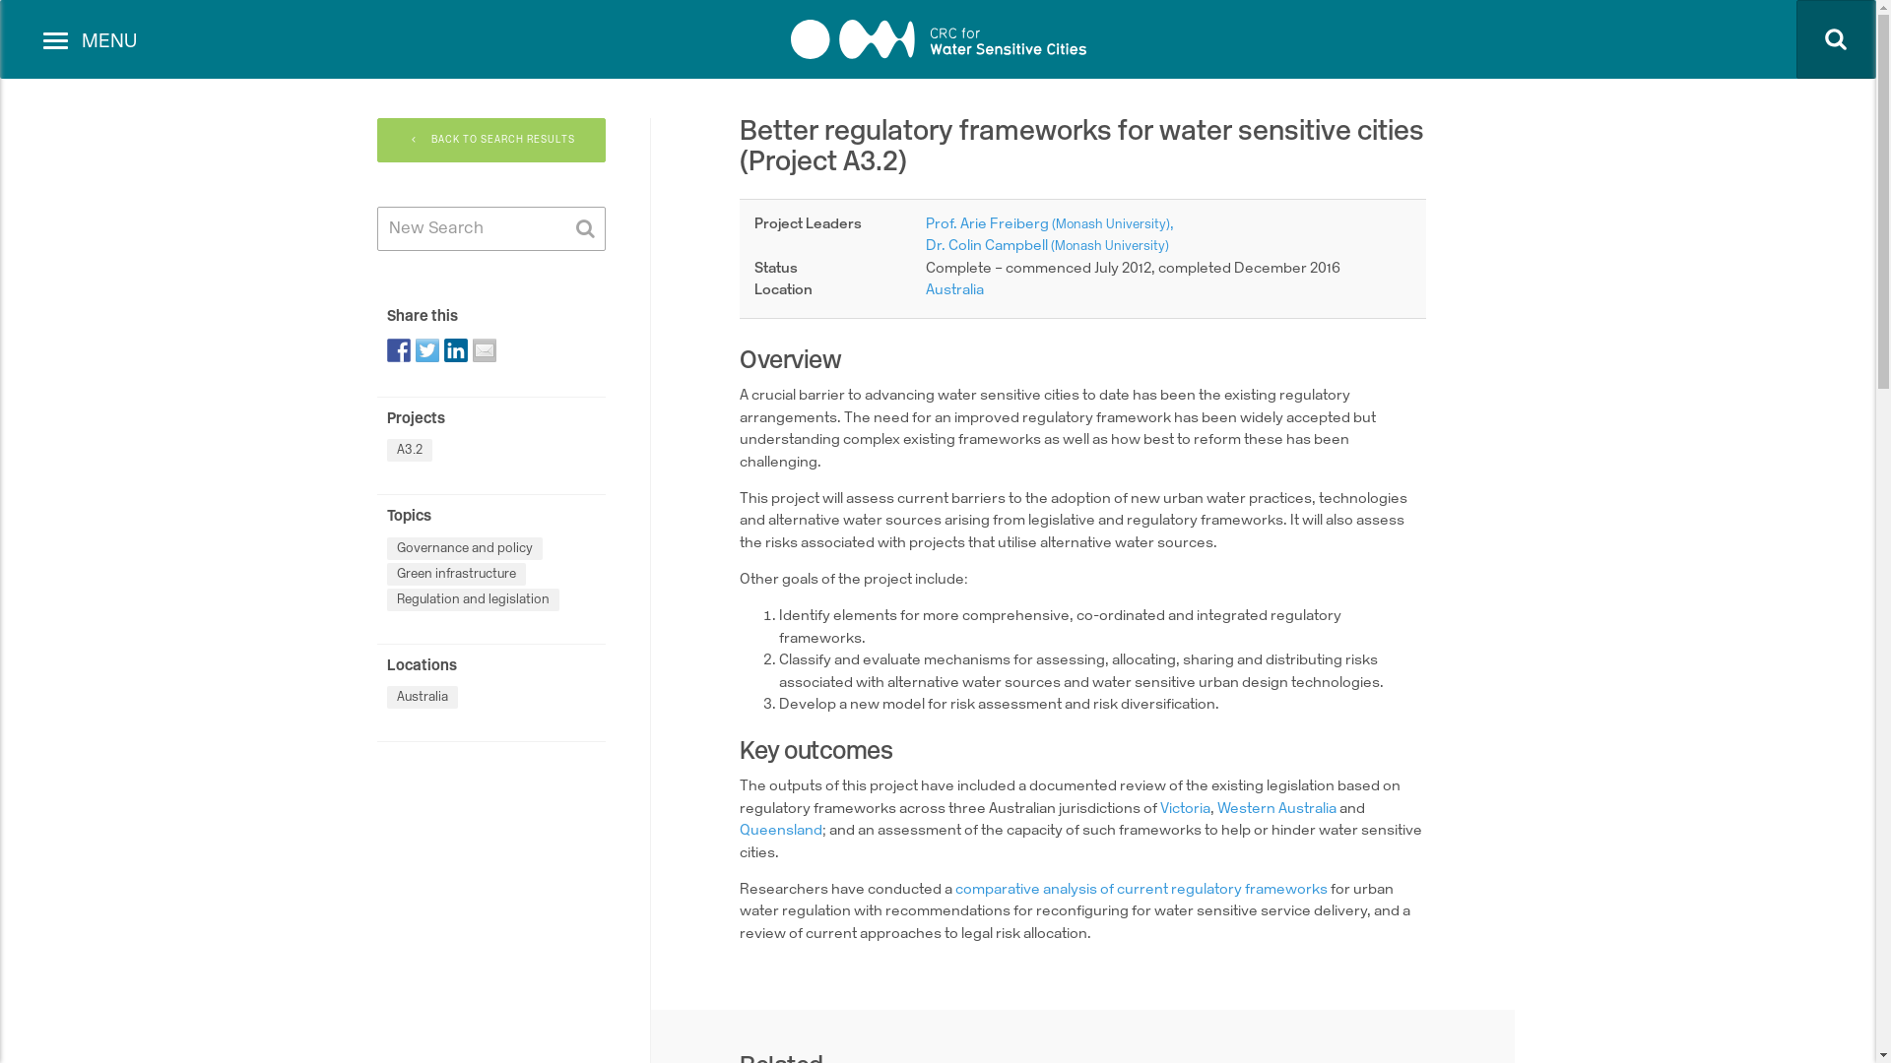  What do you see at coordinates (396, 348) in the screenshot?
I see `'Share on Facebook'` at bounding box center [396, 348].